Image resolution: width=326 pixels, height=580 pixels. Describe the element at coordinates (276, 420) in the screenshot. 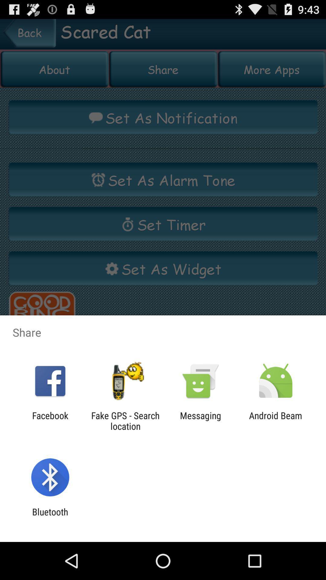

I see `the android beam item` at that location.